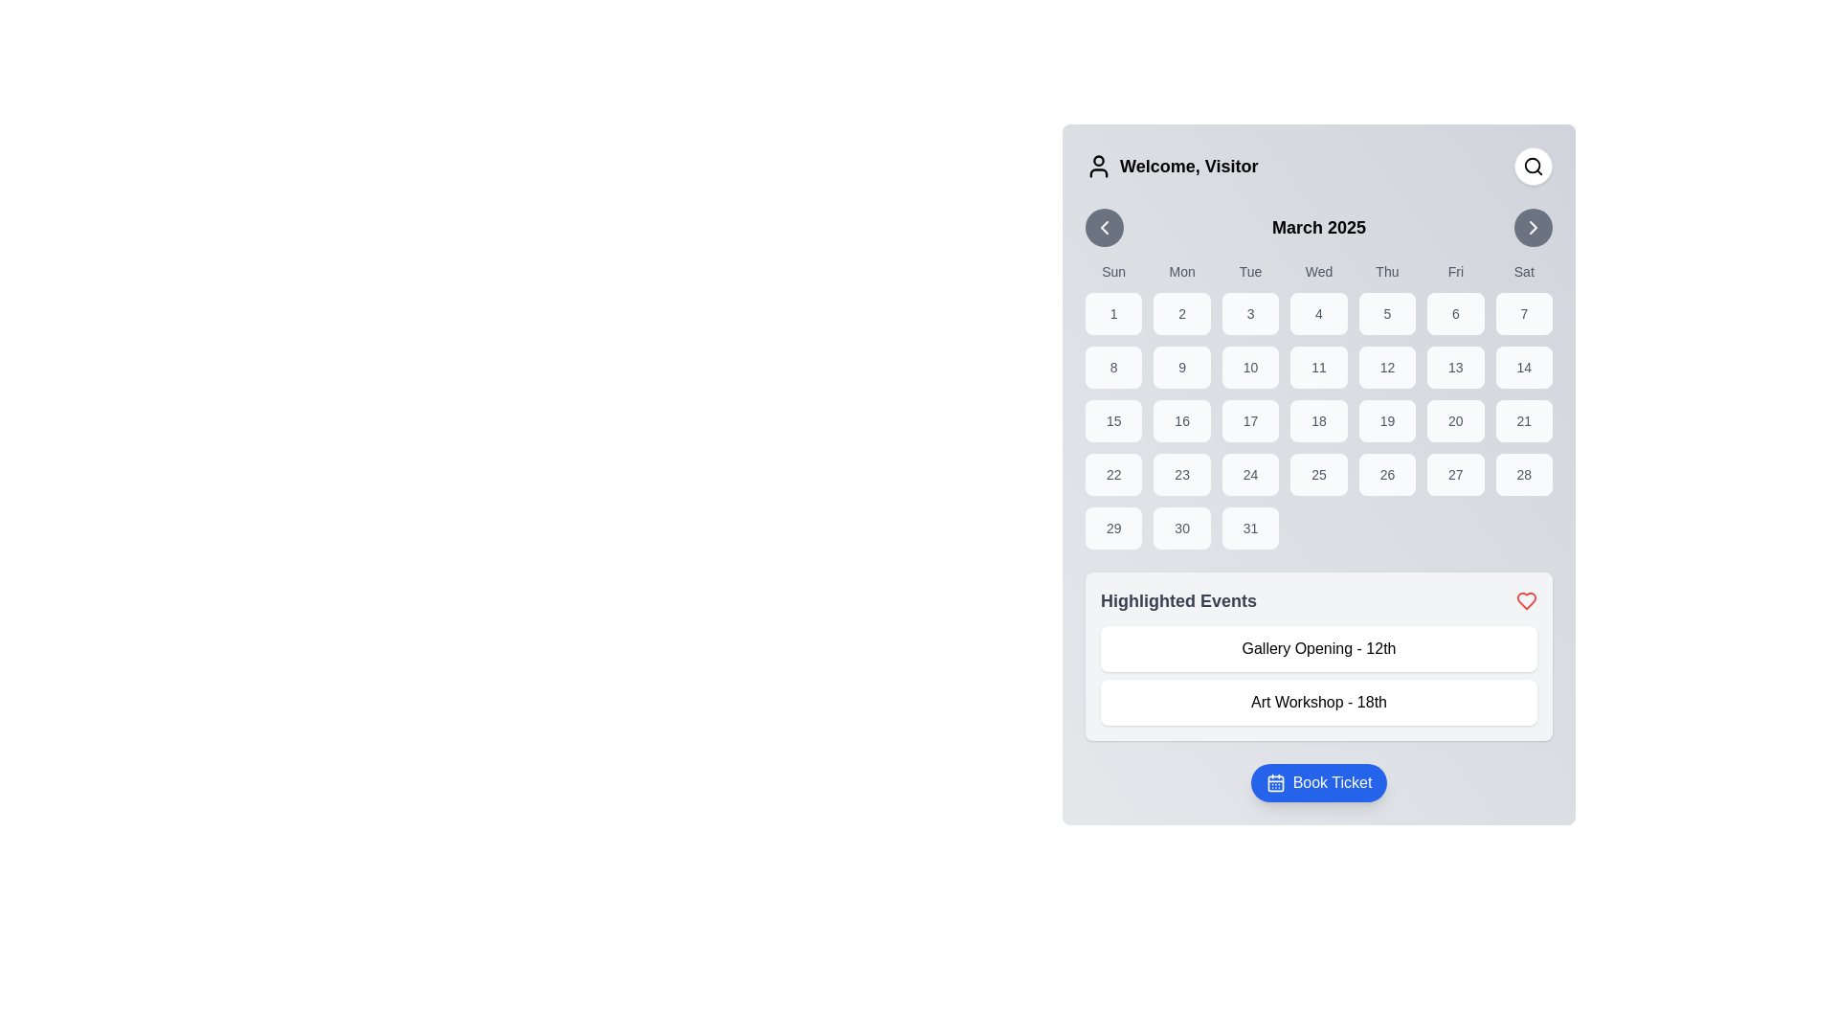 Image resolution: width=1838 pixels, height=1034 pixels. Describe the element at coordinates (1525, 600) in the screenshot. I see `the heart icon located in the header of the 'Highlighted Events' section` at that location.